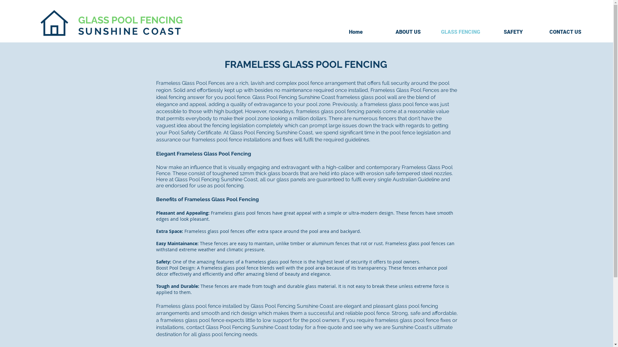 This screenshot has height=347, width=618. Describe the element at coordinates (565, 32) in the screenshot. I see `'CONTACT US'` at that location.